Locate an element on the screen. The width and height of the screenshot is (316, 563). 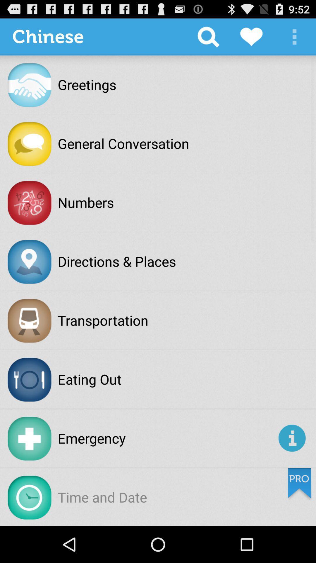
the greetings item is located at coordinates (87, 84).